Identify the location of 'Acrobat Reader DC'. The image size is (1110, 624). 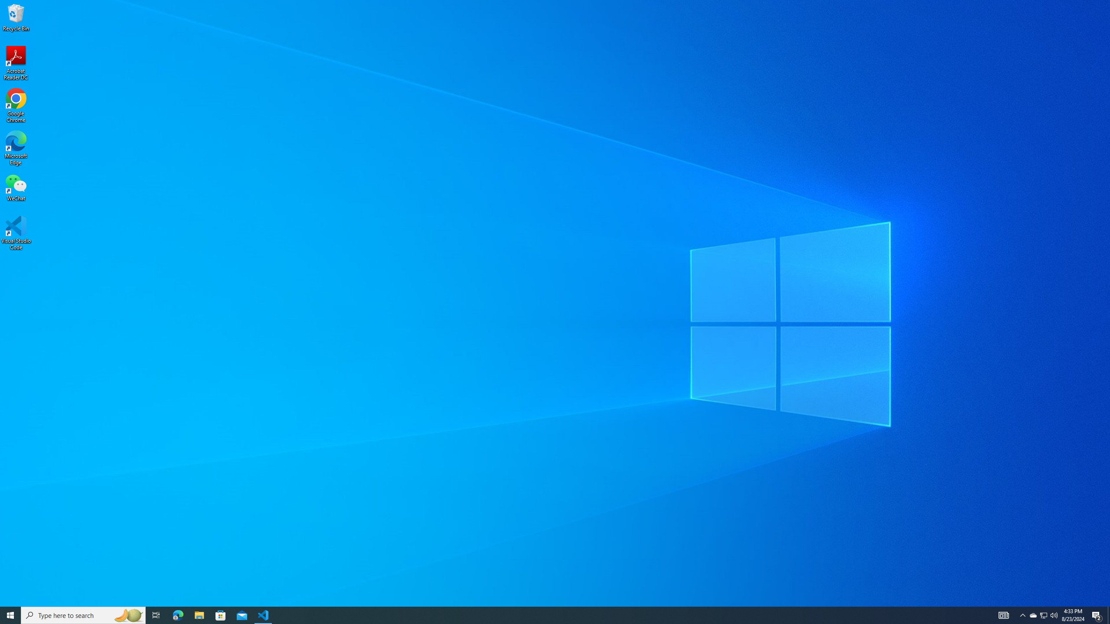
(16, 63).